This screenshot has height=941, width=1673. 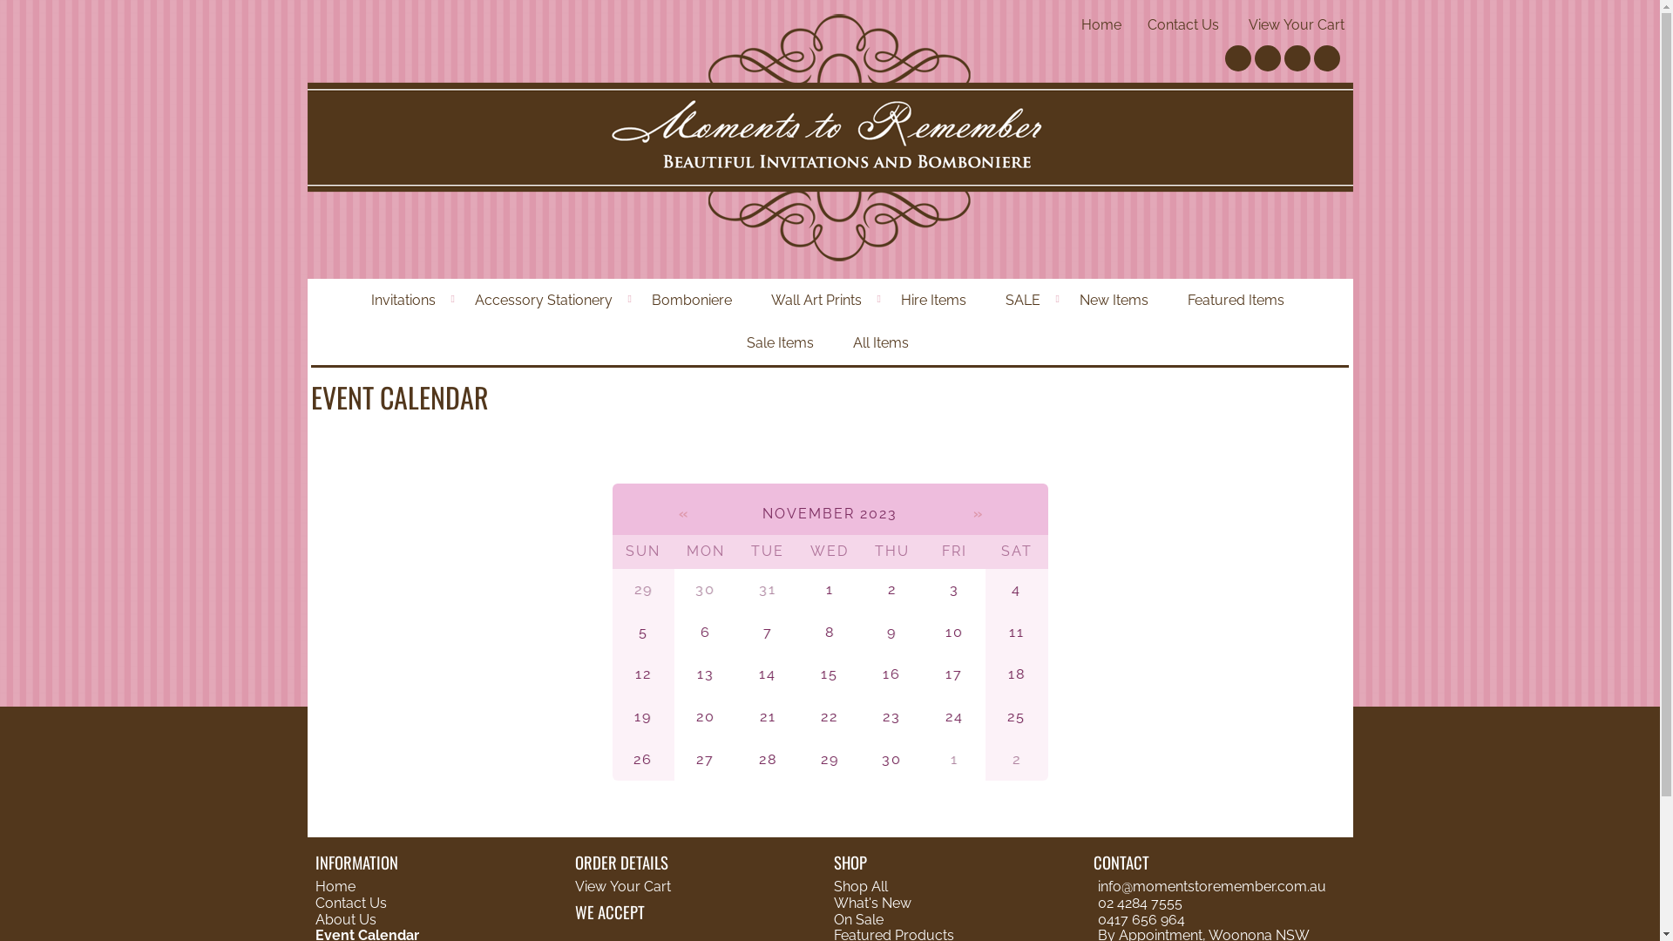 I want to click on 'Bomboniere', so click(x=693, y=300).